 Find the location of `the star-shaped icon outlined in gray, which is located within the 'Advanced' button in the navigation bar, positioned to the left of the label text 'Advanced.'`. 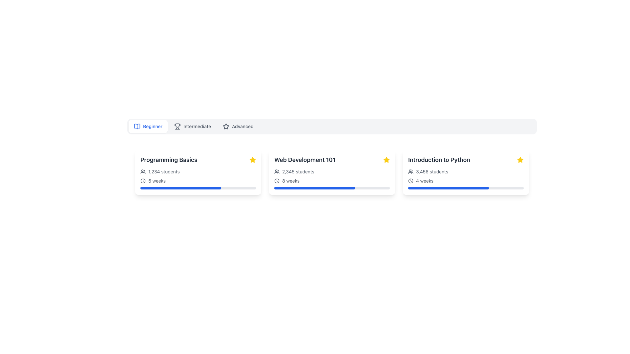

the star-shaped icon outlined in gray, which is located within the 'Advanced' button in the navigation bar, positioned to the left of the label text 'Advanced.' is located at coordinates (226, 126).